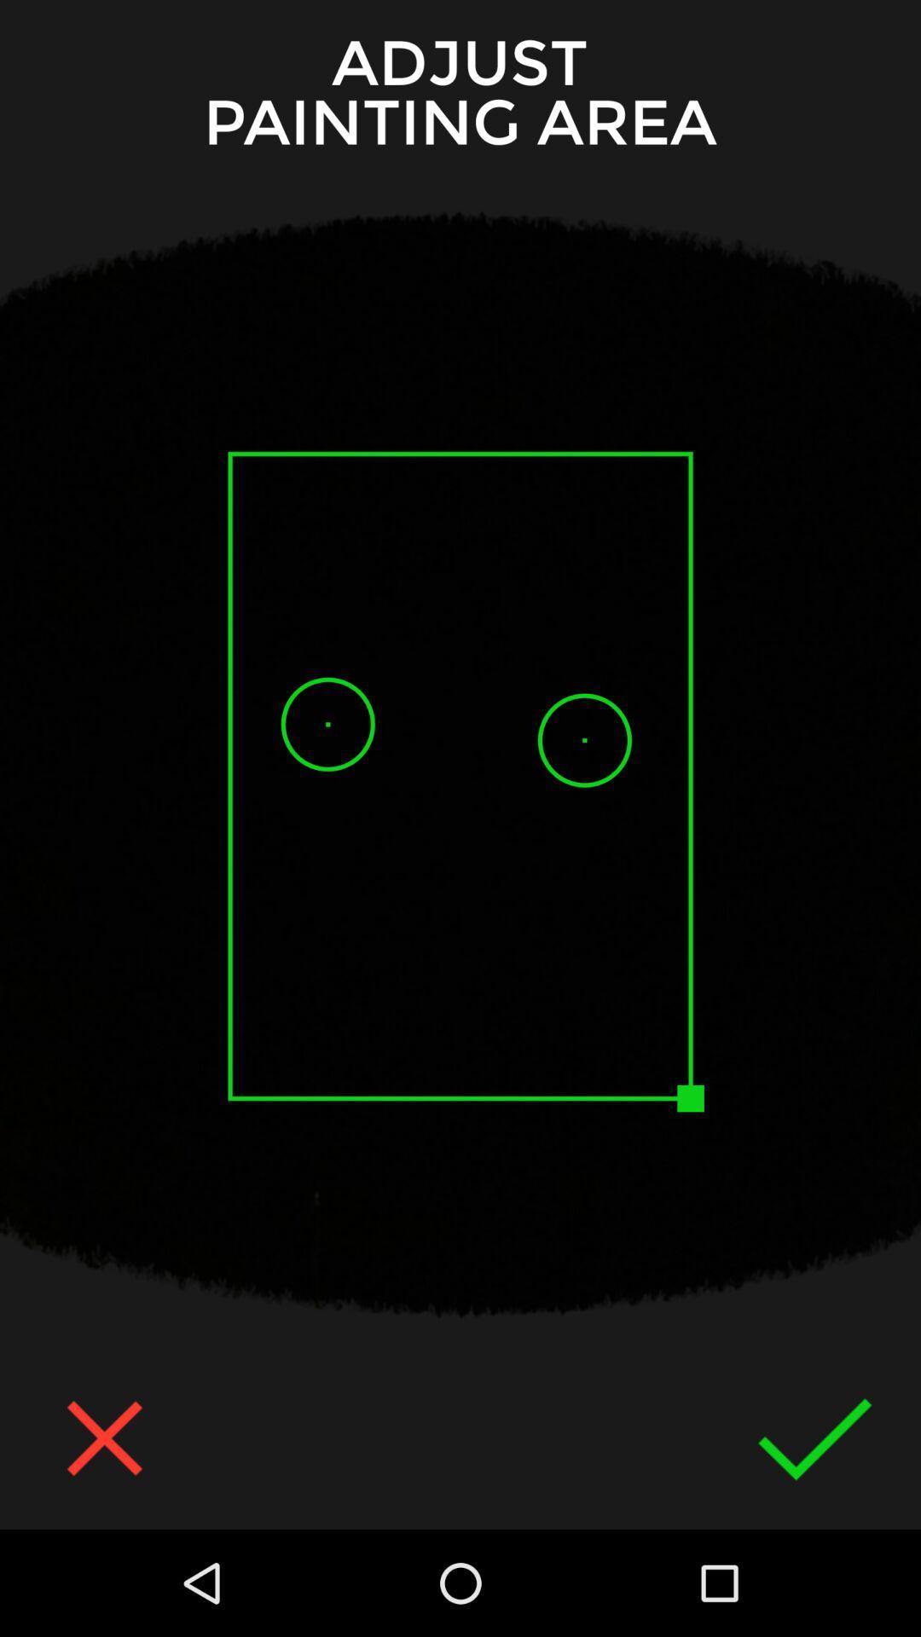 The image size is (921, 1637). What do you see at coordinates (106, 1439) in the screenshot?
I see `the close icon` at bounding box center [106, 1439].